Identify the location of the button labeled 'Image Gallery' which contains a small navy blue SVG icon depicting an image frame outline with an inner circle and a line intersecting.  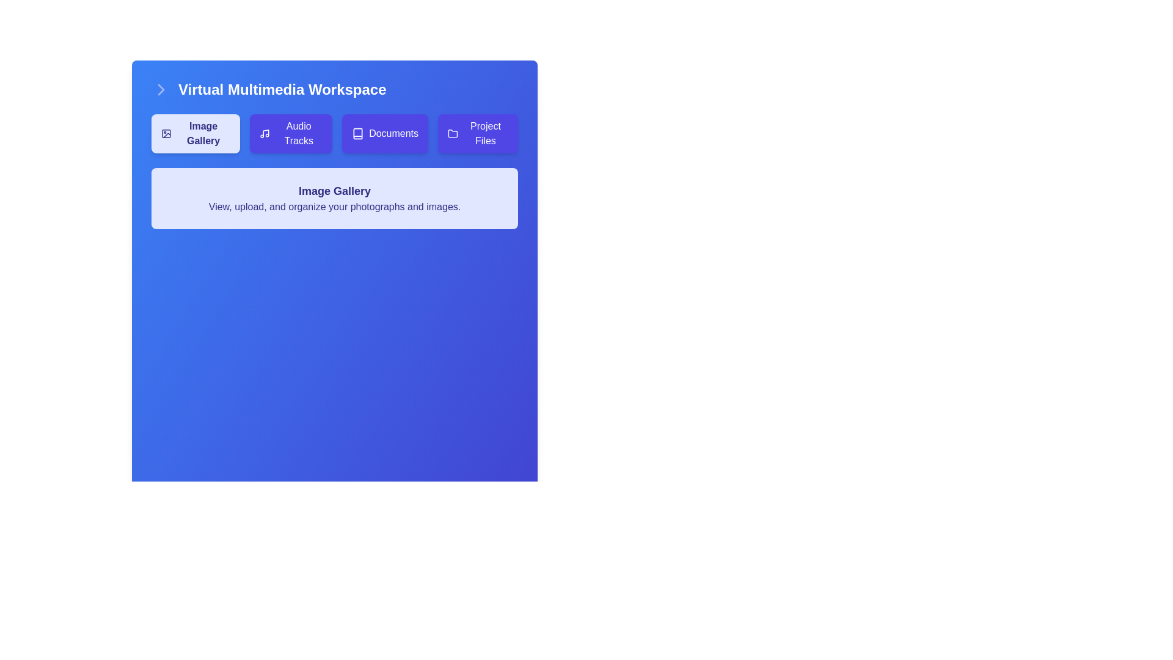
(166, 134).